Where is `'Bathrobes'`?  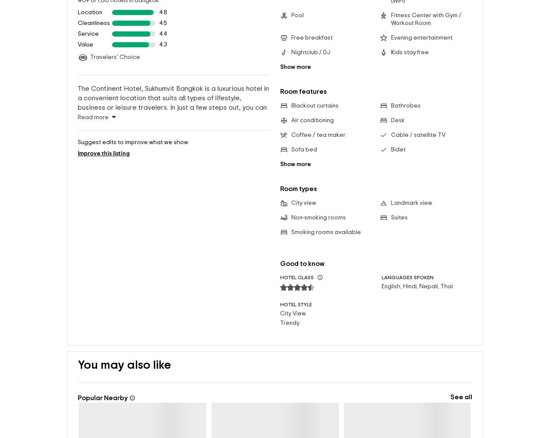 'Bathrobes' is located at coordinates (405, 91).